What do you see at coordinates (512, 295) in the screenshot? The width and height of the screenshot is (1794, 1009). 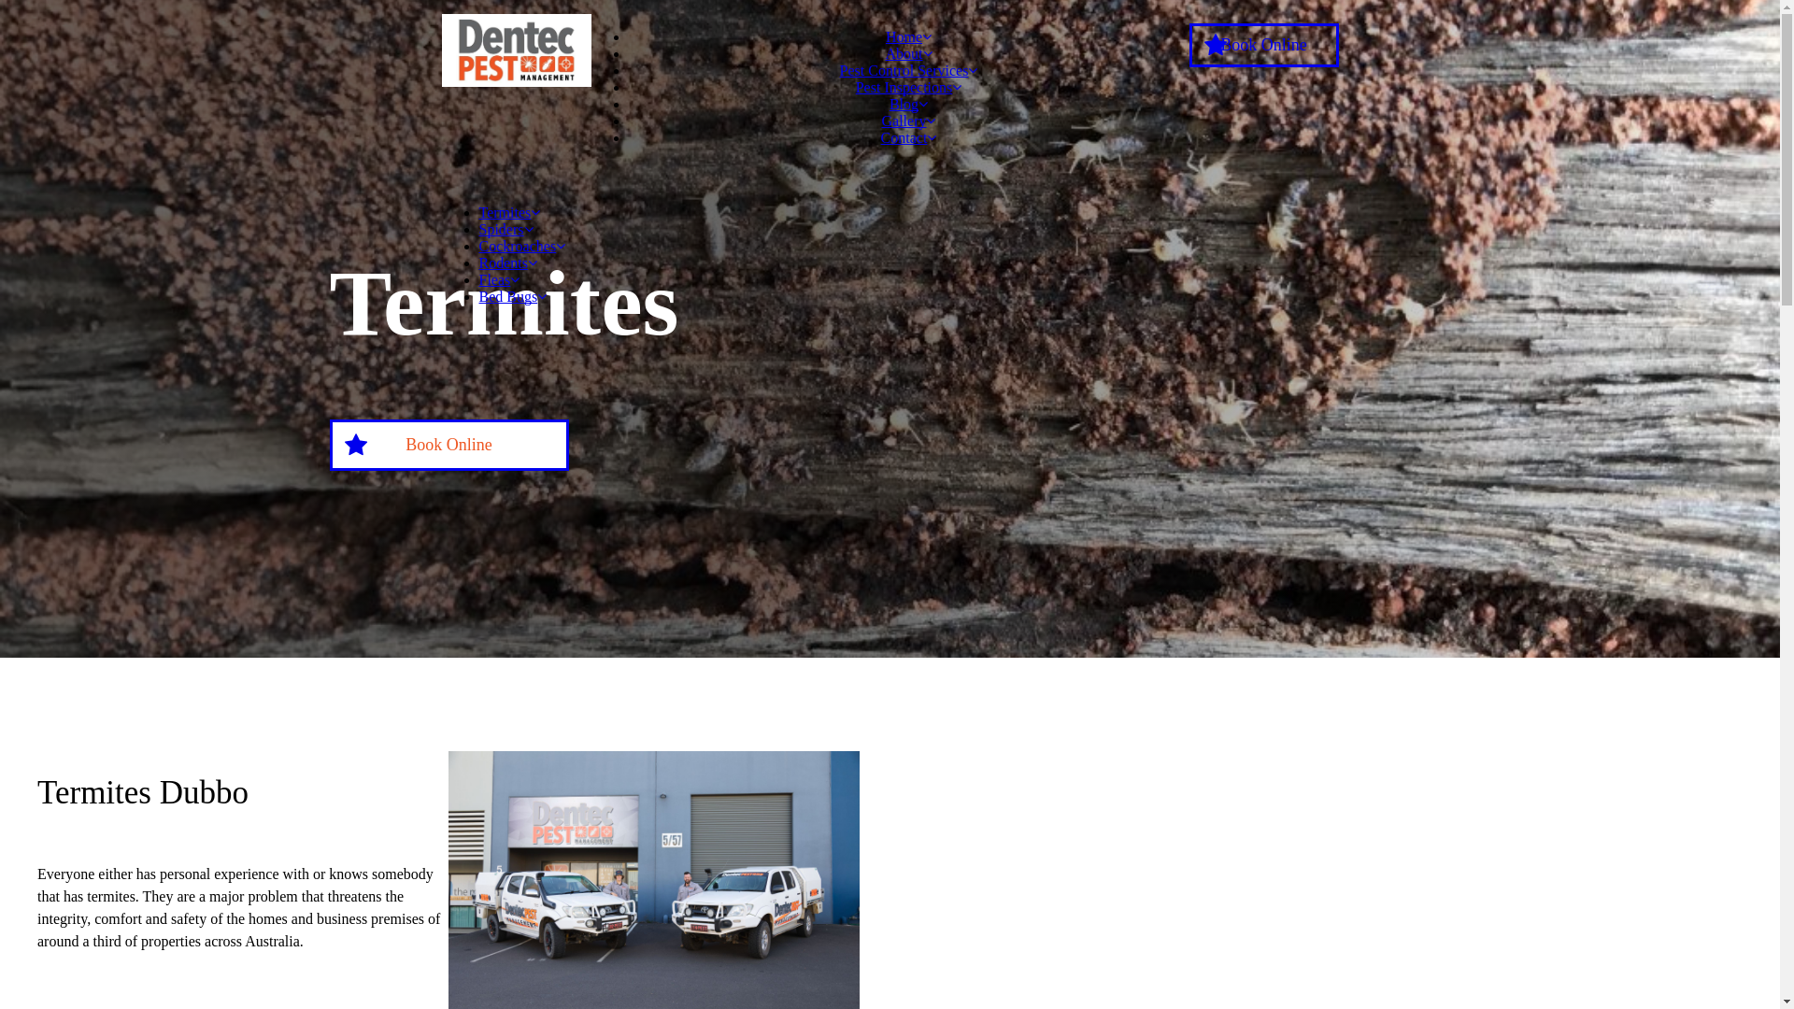 I see `'Bed Bugs'` at bounding box center [512, 295].